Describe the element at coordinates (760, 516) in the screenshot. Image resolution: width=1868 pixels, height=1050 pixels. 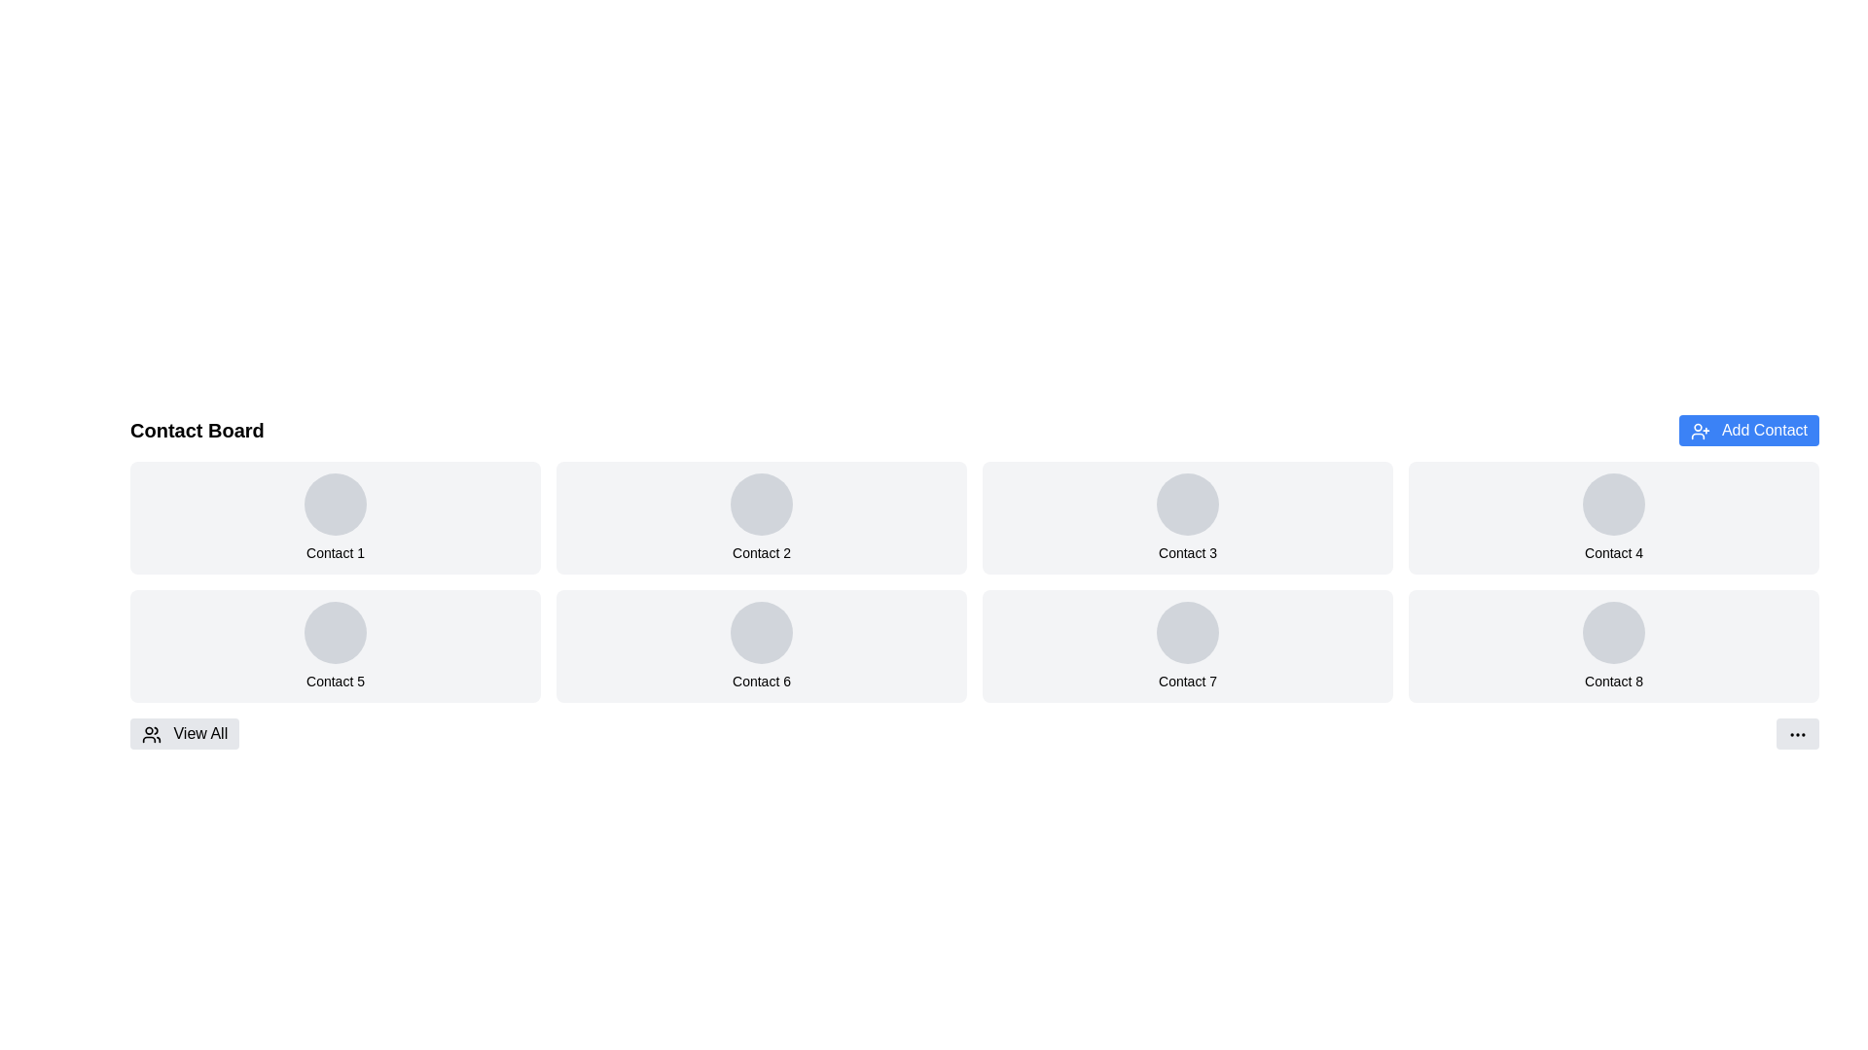
I see `the second card in the upper row of a 4x2 grid layout, which represents a contact's details, located between 'Contact 1' and 'Contact 3'` at that location.